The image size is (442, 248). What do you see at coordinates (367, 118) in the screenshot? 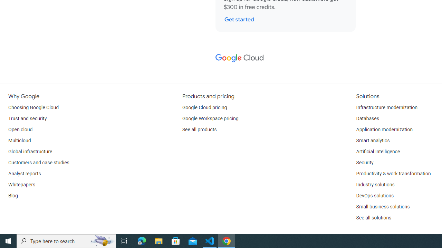
I see `'Databases'` at bounding box center [367, 118].